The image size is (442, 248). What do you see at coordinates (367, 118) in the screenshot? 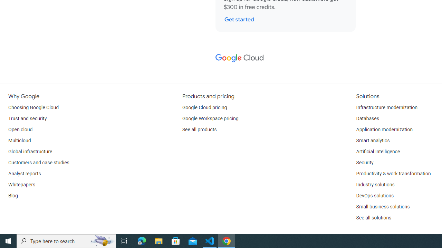
I see `'Databases'` at bounding box center [367, 118].